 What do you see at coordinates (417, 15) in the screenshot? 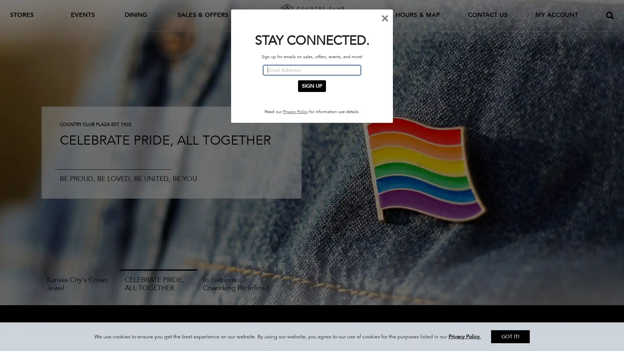
I see `HOURS & MAP` at bounding box center [417, 15].